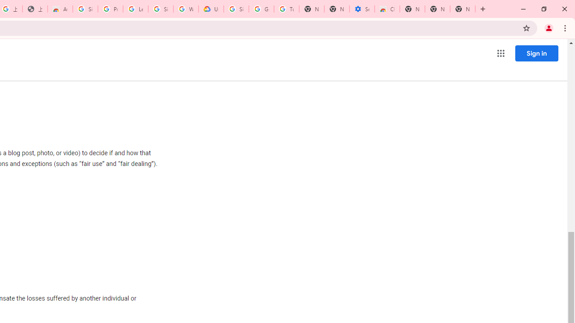 The image size is (575, 323). I want to click on 'Chrome Web Store - Accessibility extensions', so click(387, 9).